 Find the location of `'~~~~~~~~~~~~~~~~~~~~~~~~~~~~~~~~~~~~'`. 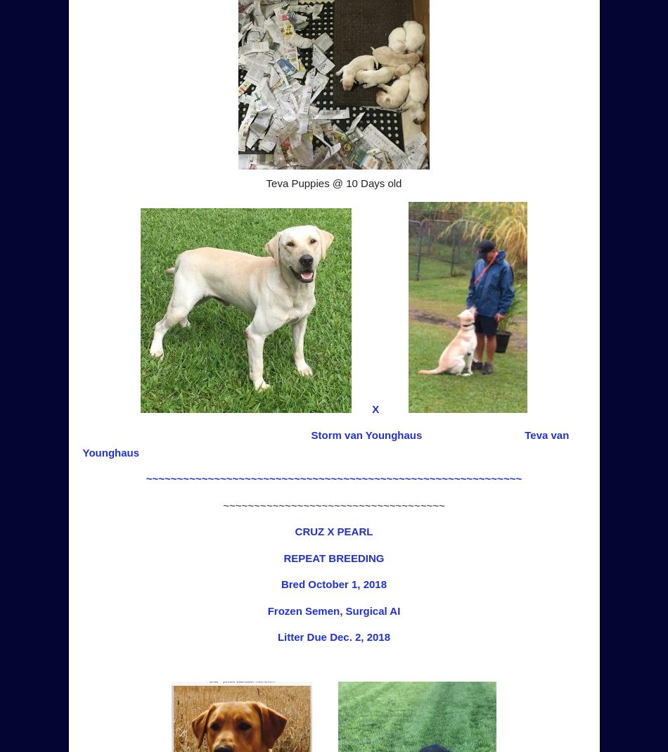

'~~~~~~~~~~~~~~~~~~~~~~~~~~~~~~~~~~~~' is located at coordinates (333, 504).